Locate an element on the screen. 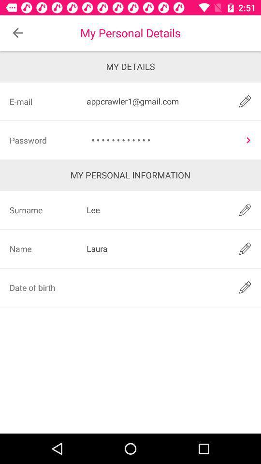 Image resolution: width=261 pixels, height=464 pixels. edit name field is located at coordinates (245, 248).